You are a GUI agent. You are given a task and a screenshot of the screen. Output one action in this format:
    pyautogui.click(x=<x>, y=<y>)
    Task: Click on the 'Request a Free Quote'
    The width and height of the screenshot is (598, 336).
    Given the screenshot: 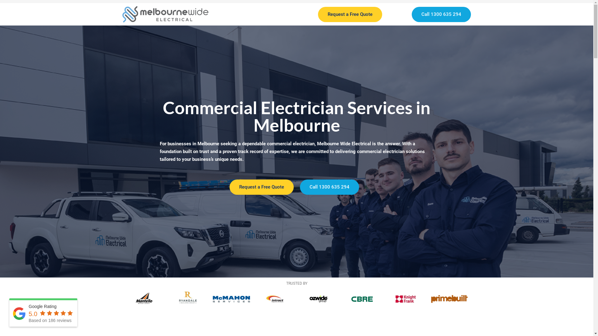 What is the action you would take?
    pyautogui.click(x=261, y=187)
    